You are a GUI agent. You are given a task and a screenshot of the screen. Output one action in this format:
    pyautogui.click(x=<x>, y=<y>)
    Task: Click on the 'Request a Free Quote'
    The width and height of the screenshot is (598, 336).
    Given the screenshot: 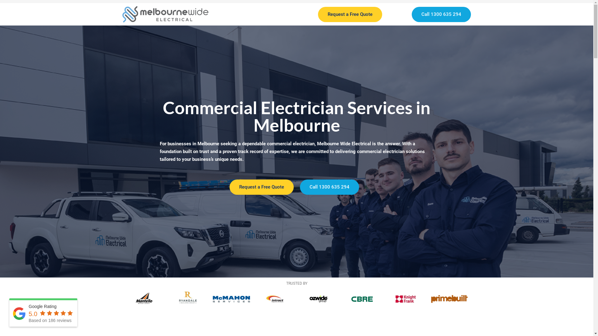 What is the action you would take?
    pyautogui.click(x=261, y=187)
    